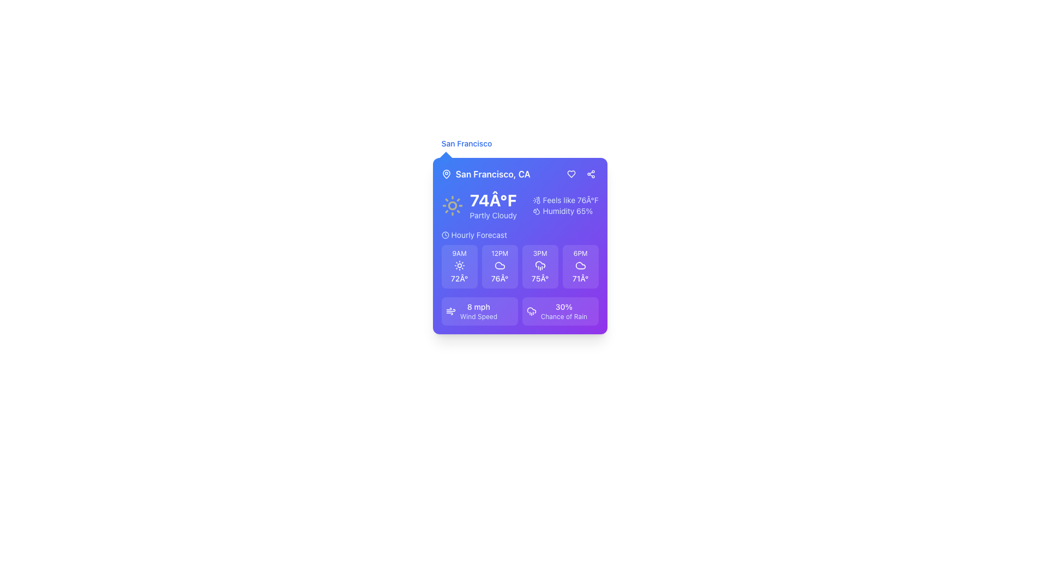 The height and width of the screenshot is (588, 1047). Describe the element at coordinates (567, 211) in the screenshot. I see `the text label that displays the current humidity level, located to the right of the 'Feels like 76°F' text in the weather card` at that location.